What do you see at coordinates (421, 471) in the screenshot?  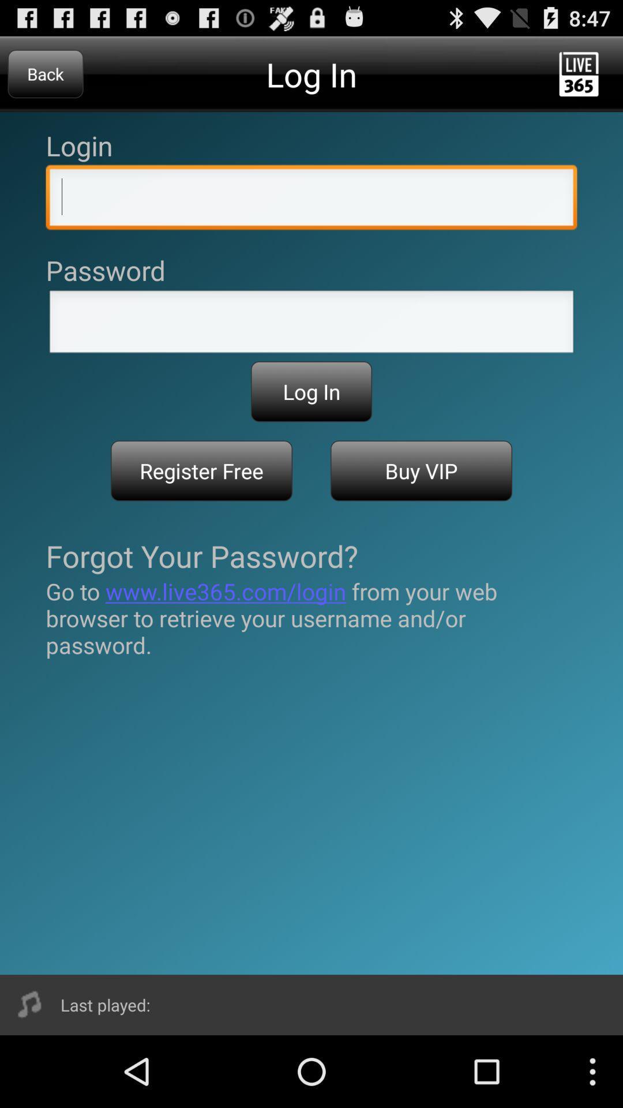 I see `icon on the right` at bounding box center [421, 471].